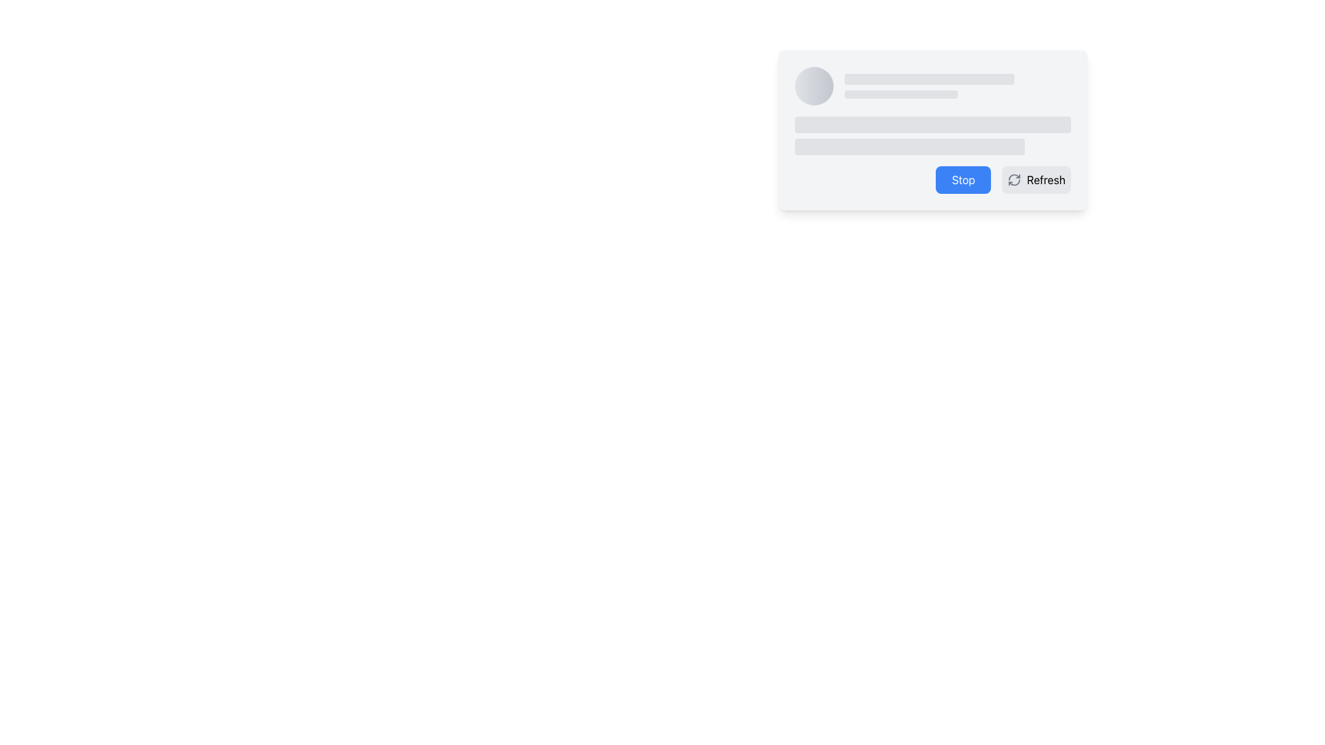 This screenshot has width=1325, height=745. I want to click on the upper-left segment of the refresh icon, which is part of a circular icon located next to the 'Refresh' button, so click(1014, 177).